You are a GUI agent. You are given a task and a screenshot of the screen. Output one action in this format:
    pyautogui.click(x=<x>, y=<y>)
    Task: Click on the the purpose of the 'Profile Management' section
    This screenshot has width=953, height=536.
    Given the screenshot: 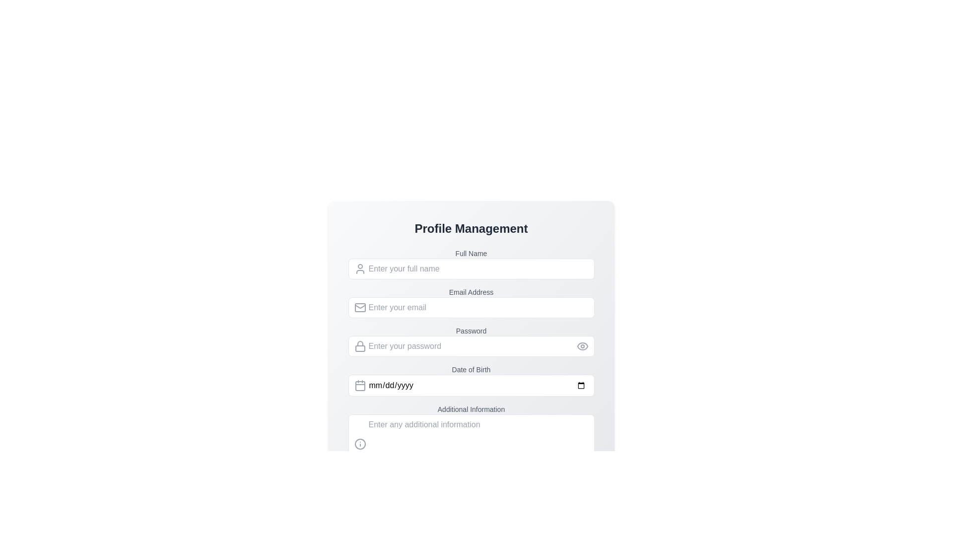 What is the action you would take?
    pyautogui.click(x=471, y=229)
    